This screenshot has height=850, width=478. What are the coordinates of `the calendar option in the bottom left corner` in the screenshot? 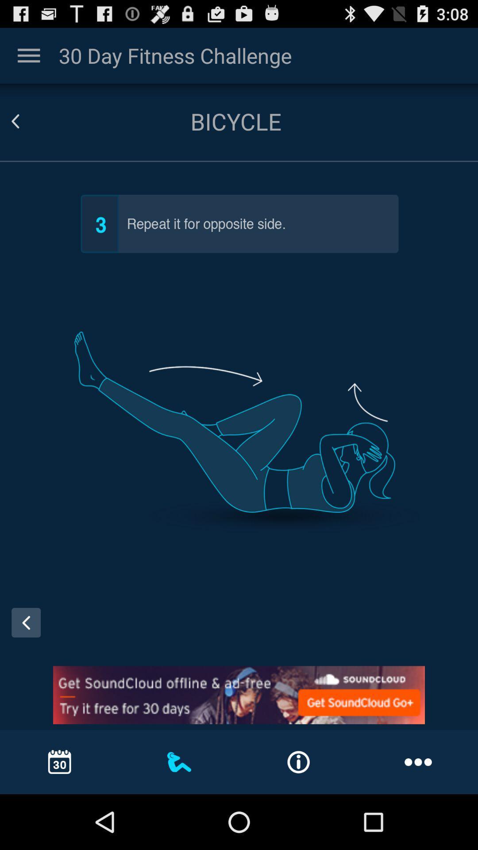 It's located at (60, 761).